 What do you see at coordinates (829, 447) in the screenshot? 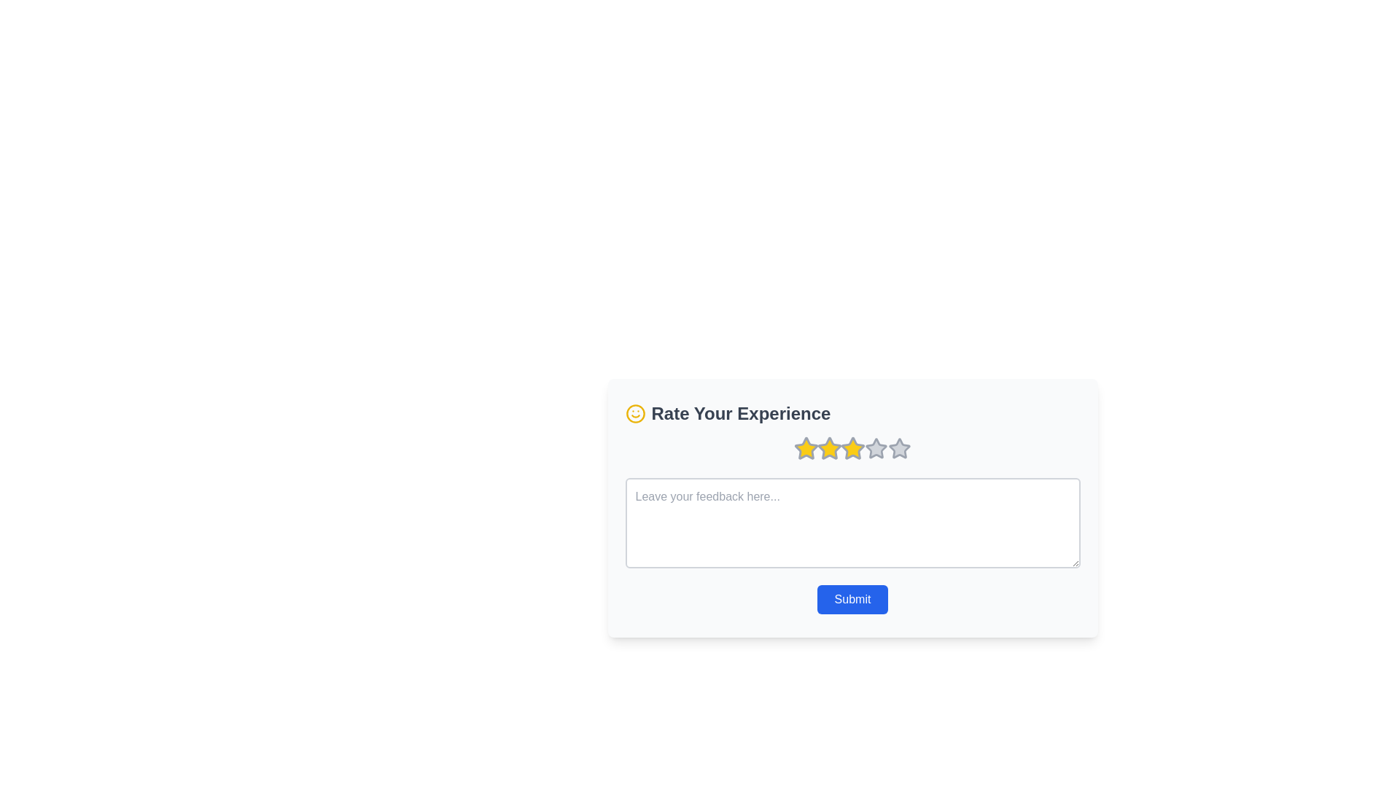
I see `the second star from the left in the rating control, which is located below the 'Rate Your Experience' heading` at bounding box center [829, 447].